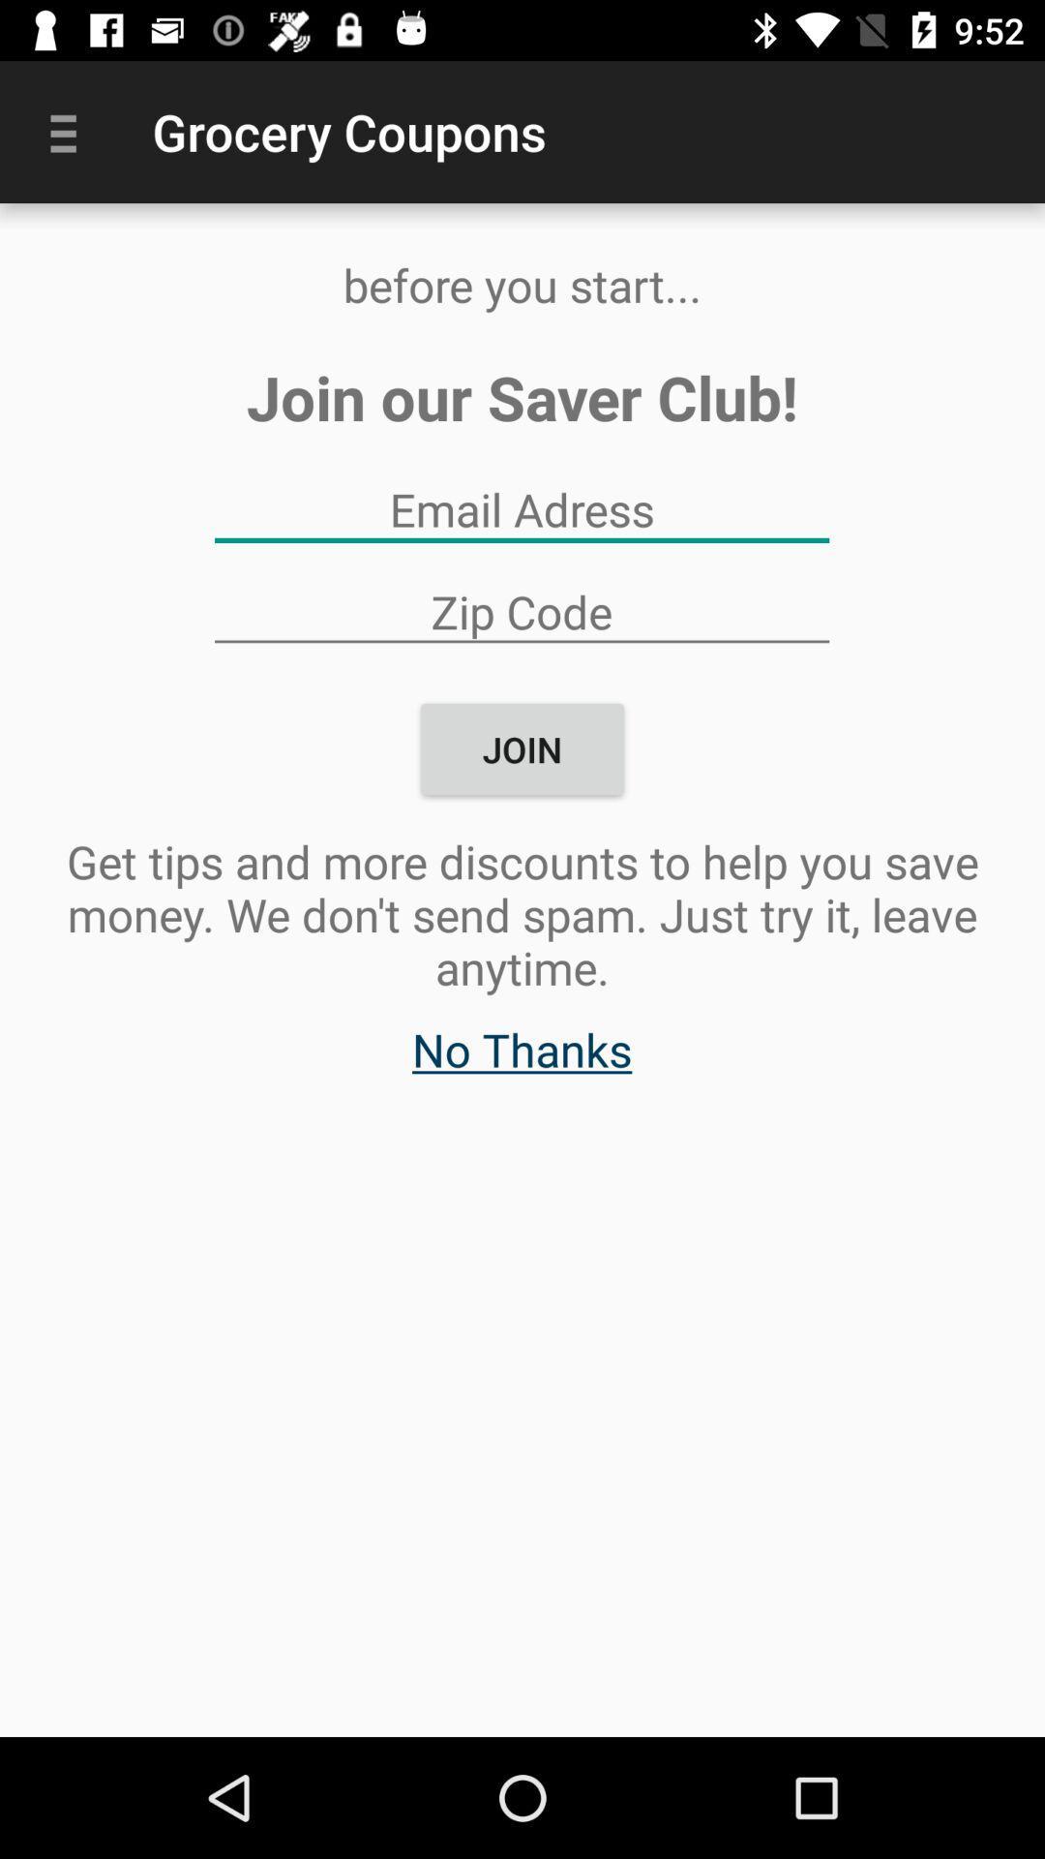 The width and height of the screenshot is (1045, 1859). What do you see at coordinates (521, 1058) in the screenshot?
I see `no thanks icon` at bounding box center [521, 1058].